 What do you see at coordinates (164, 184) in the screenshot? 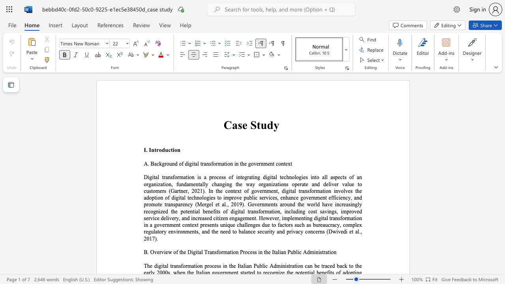
I see `the subset text "ion, fundamentally changing the way org" within the text "Digital transformation is a process of integrating digital technologies into all aspects of an organization, fundamentally changing the way organizations"` at bounding box center [164, 184].